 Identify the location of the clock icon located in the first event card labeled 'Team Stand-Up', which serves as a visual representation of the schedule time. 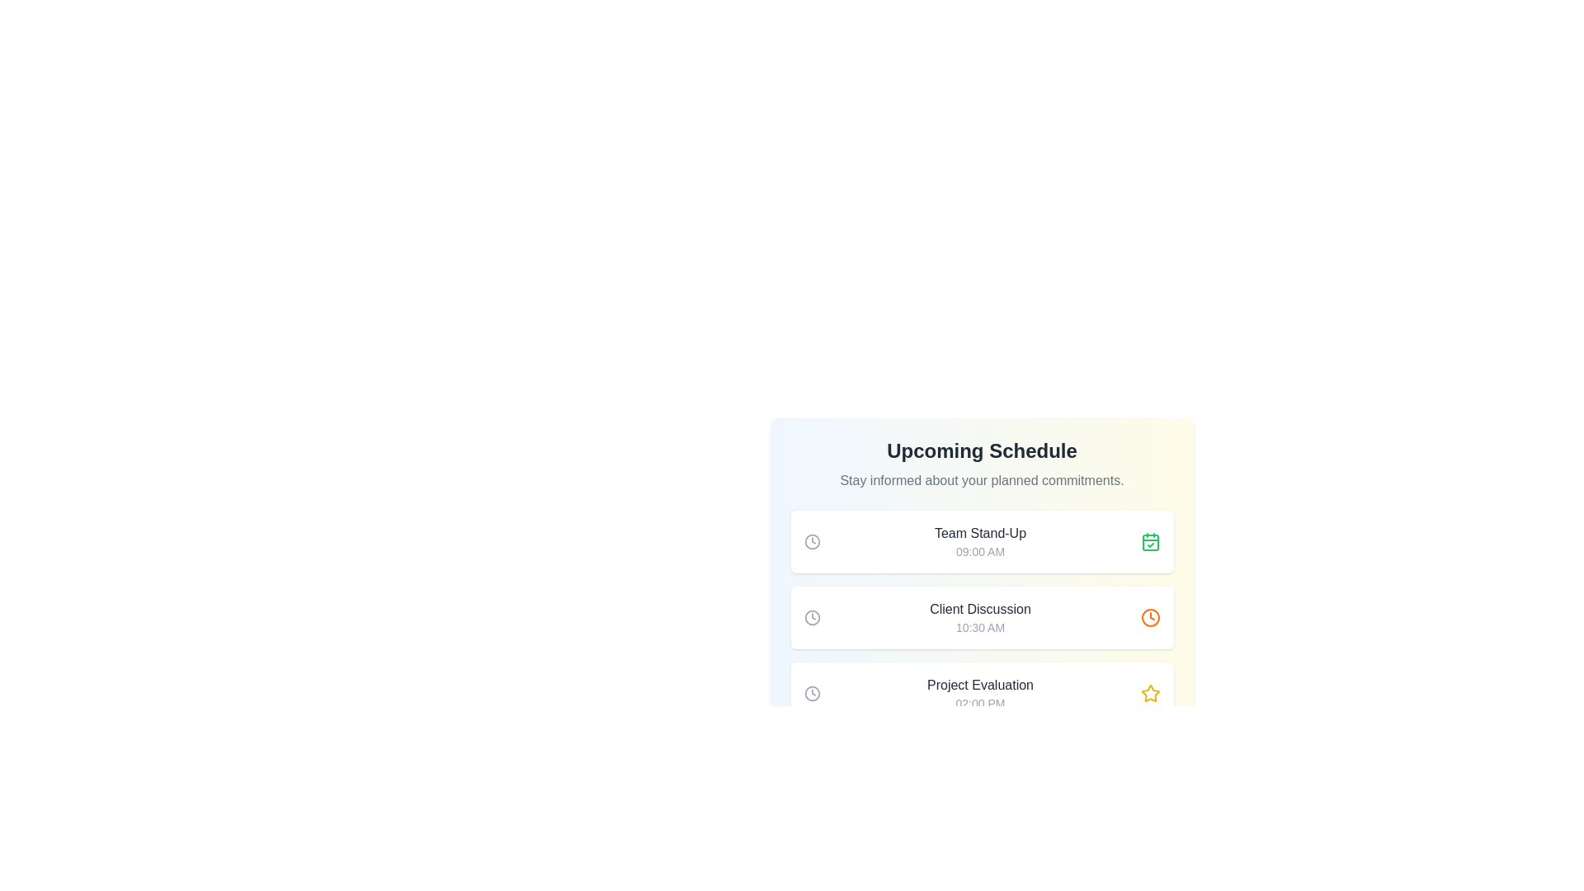
(812, 541).